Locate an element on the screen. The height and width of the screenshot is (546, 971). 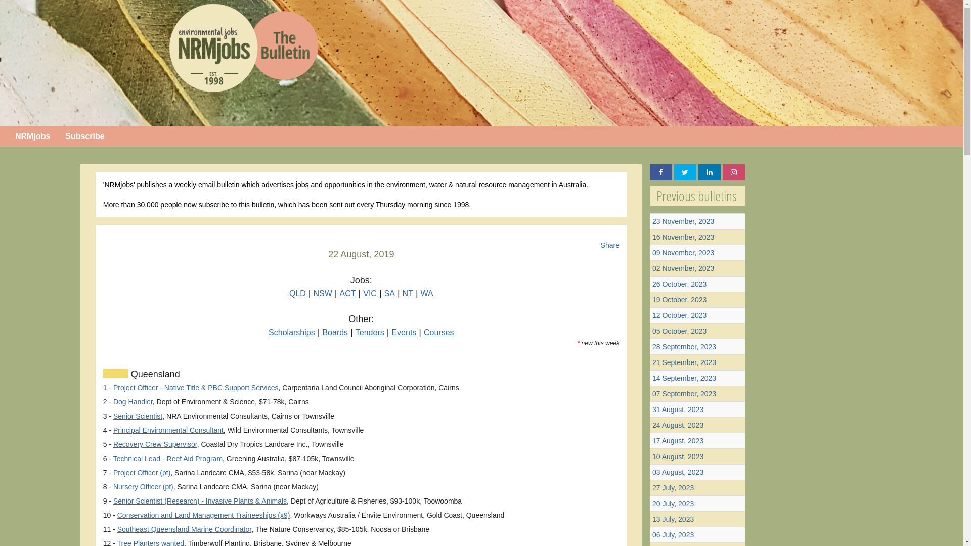
'Technical Lead - Reef Aid Program' is located at coordinates (167, 458).